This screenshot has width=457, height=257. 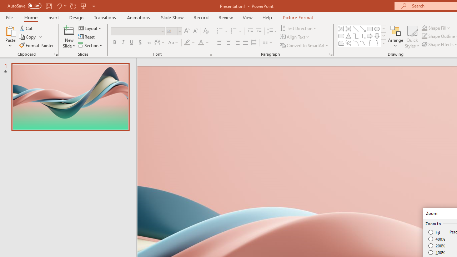 I want to click on 'Shapes', so click(x=383, y=43).